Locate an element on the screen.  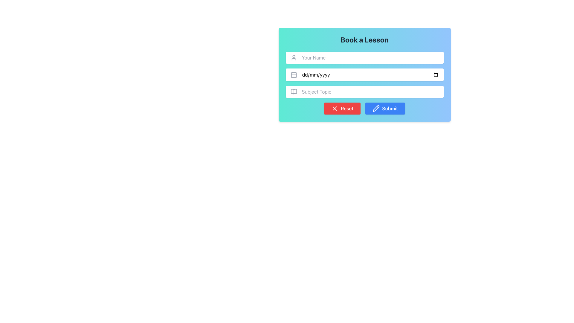
the 'Reset' button, which contains an icon to the left of its text is located at coordinates (334, 108).